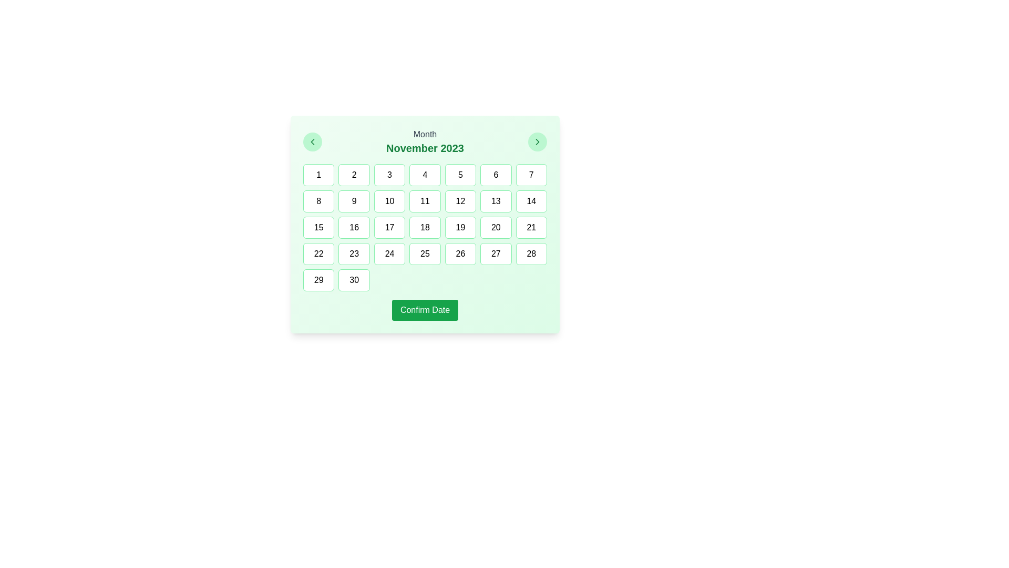 The image size is (1009, 568). What do you see at coordinates (389, 253) in the screenshot?
I see `the rectangular button with rounded corners that displays the number '24' in black, located in the fifth row and third column of the calendar grid` at bounding box center [389, 253].